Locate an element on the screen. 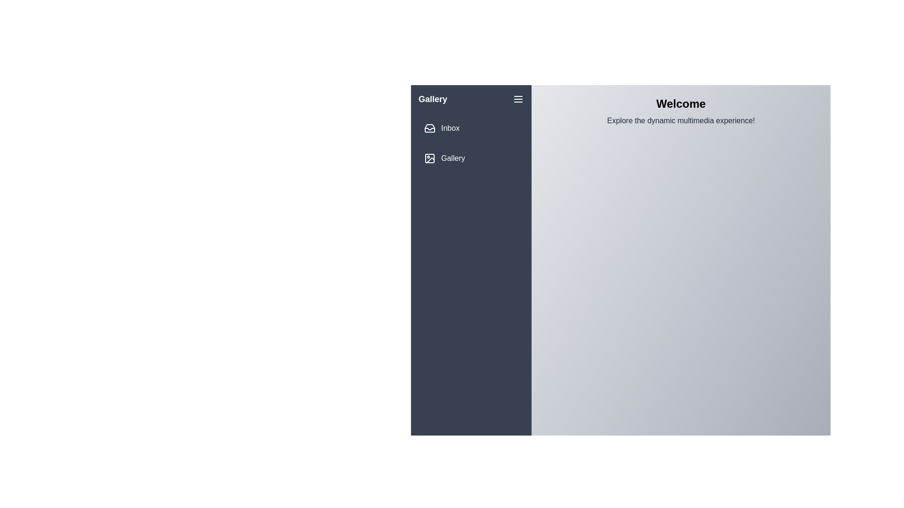 The width and height of the screenshot is (904, 508). the 'Gallery' icon located to the left of the 'Gallery' text in the left-hand navigation to focus the associated menu item is located at coordinates (429, 158).